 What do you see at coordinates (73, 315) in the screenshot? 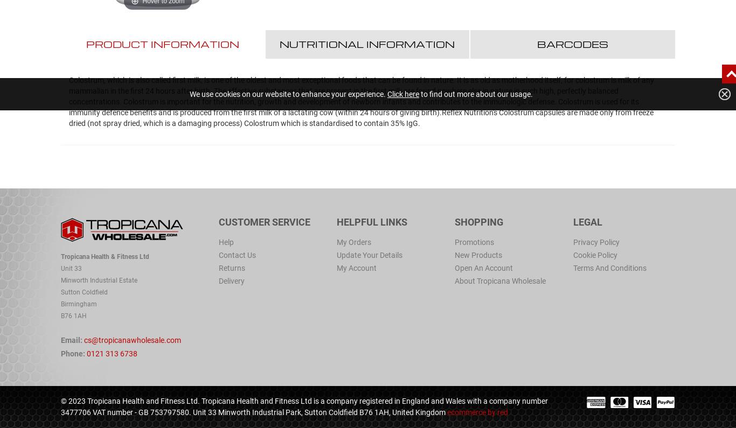
I see `'B76 1AH'` at bounding box center [73, 315].